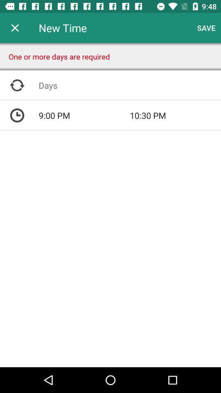 This screenshot has width=221, height=393. I want to click on item next to the 10:30 pm, so click(83, 115).